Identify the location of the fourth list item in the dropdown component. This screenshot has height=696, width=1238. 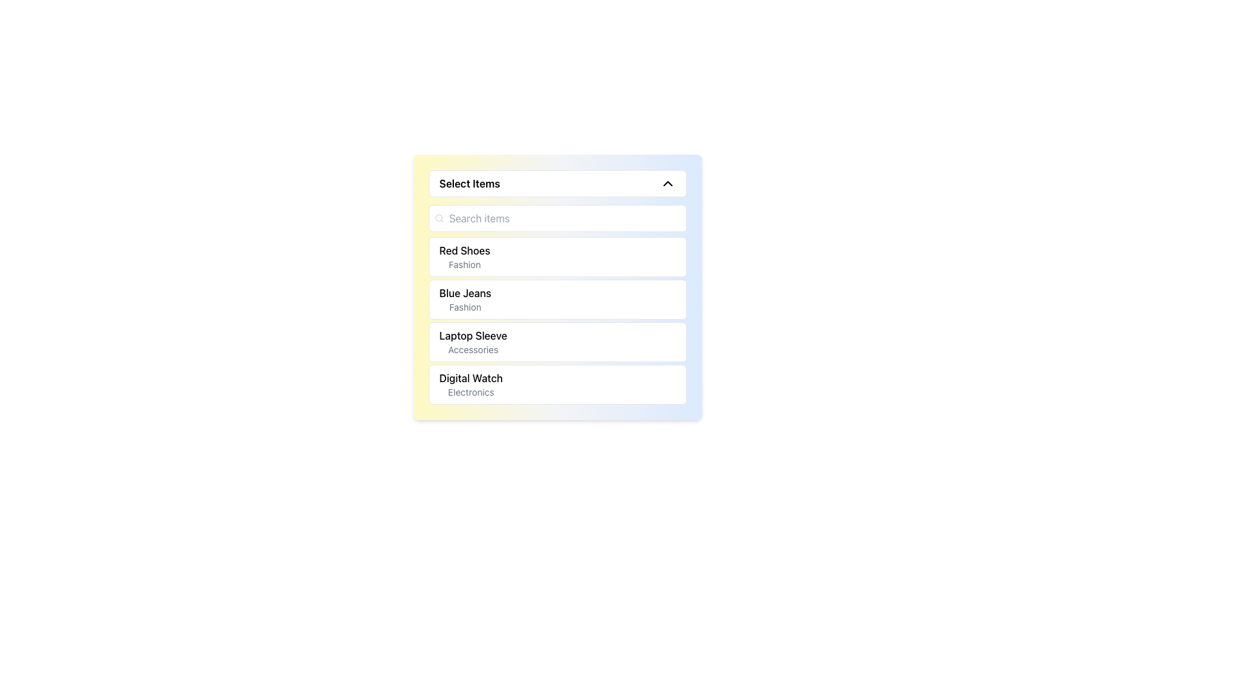
(557, 384).